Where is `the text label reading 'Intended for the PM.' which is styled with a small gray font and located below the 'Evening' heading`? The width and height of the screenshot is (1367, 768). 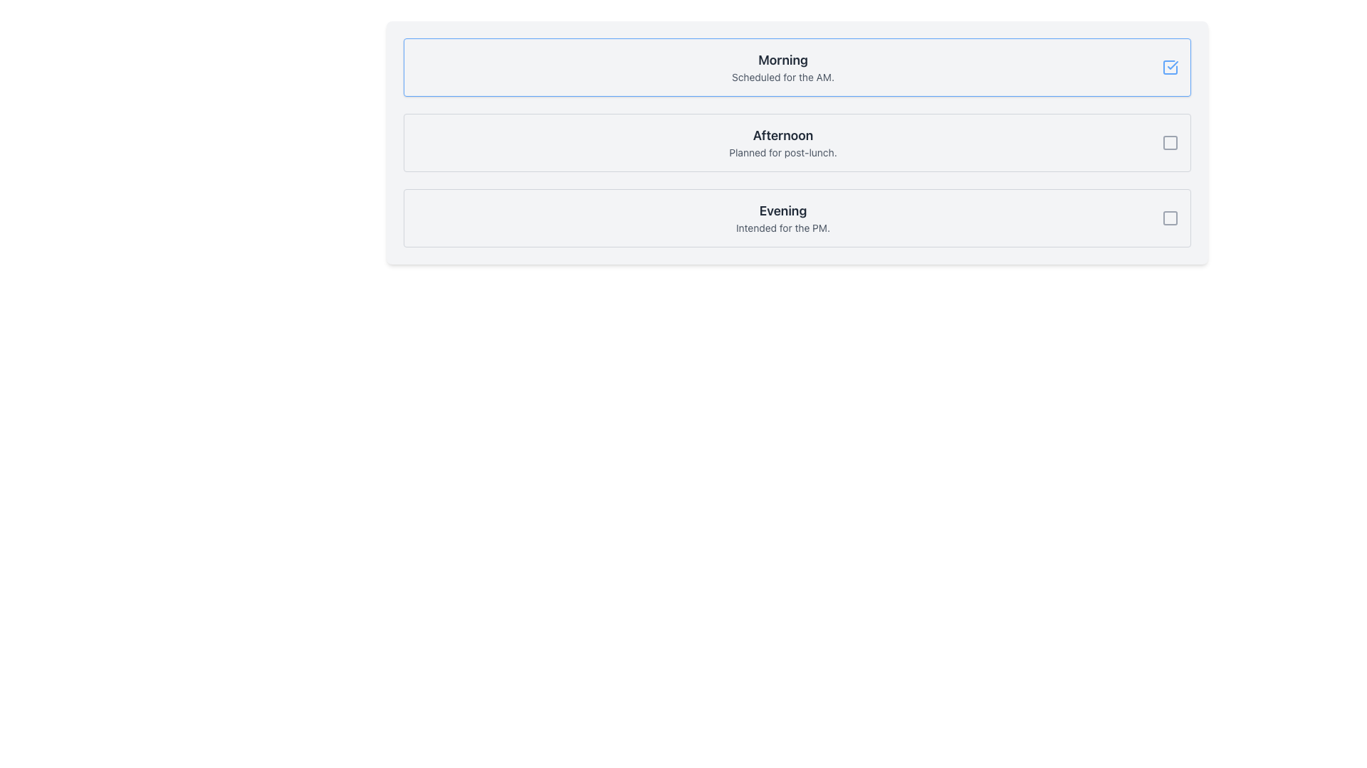 the text label reading 'Intended for the PM.' which is styled with a small gray font and located below the 'Evening' heading is located at coordinates (782, 227).